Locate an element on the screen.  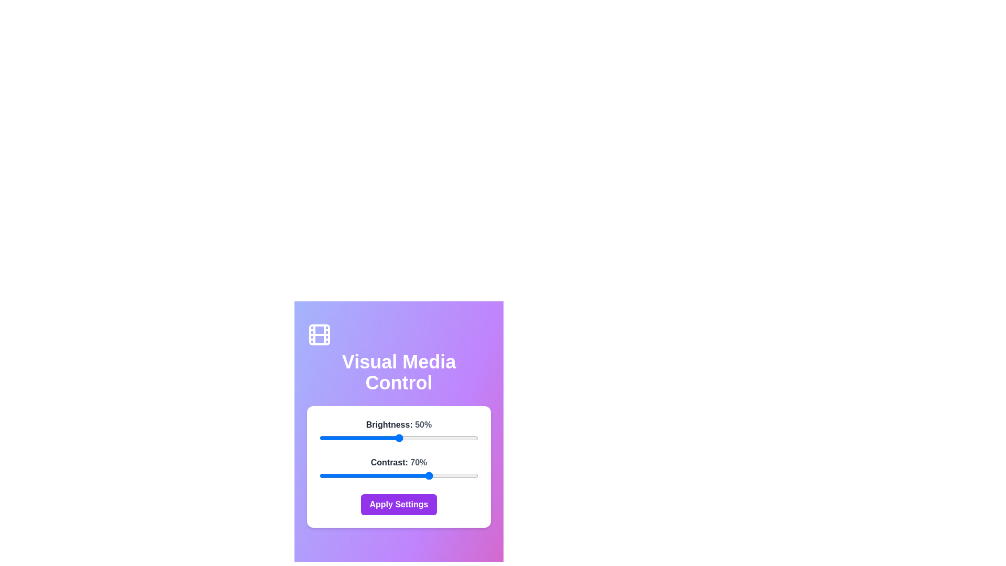
'Apply Settings' button is located at coordinates (398, 504).